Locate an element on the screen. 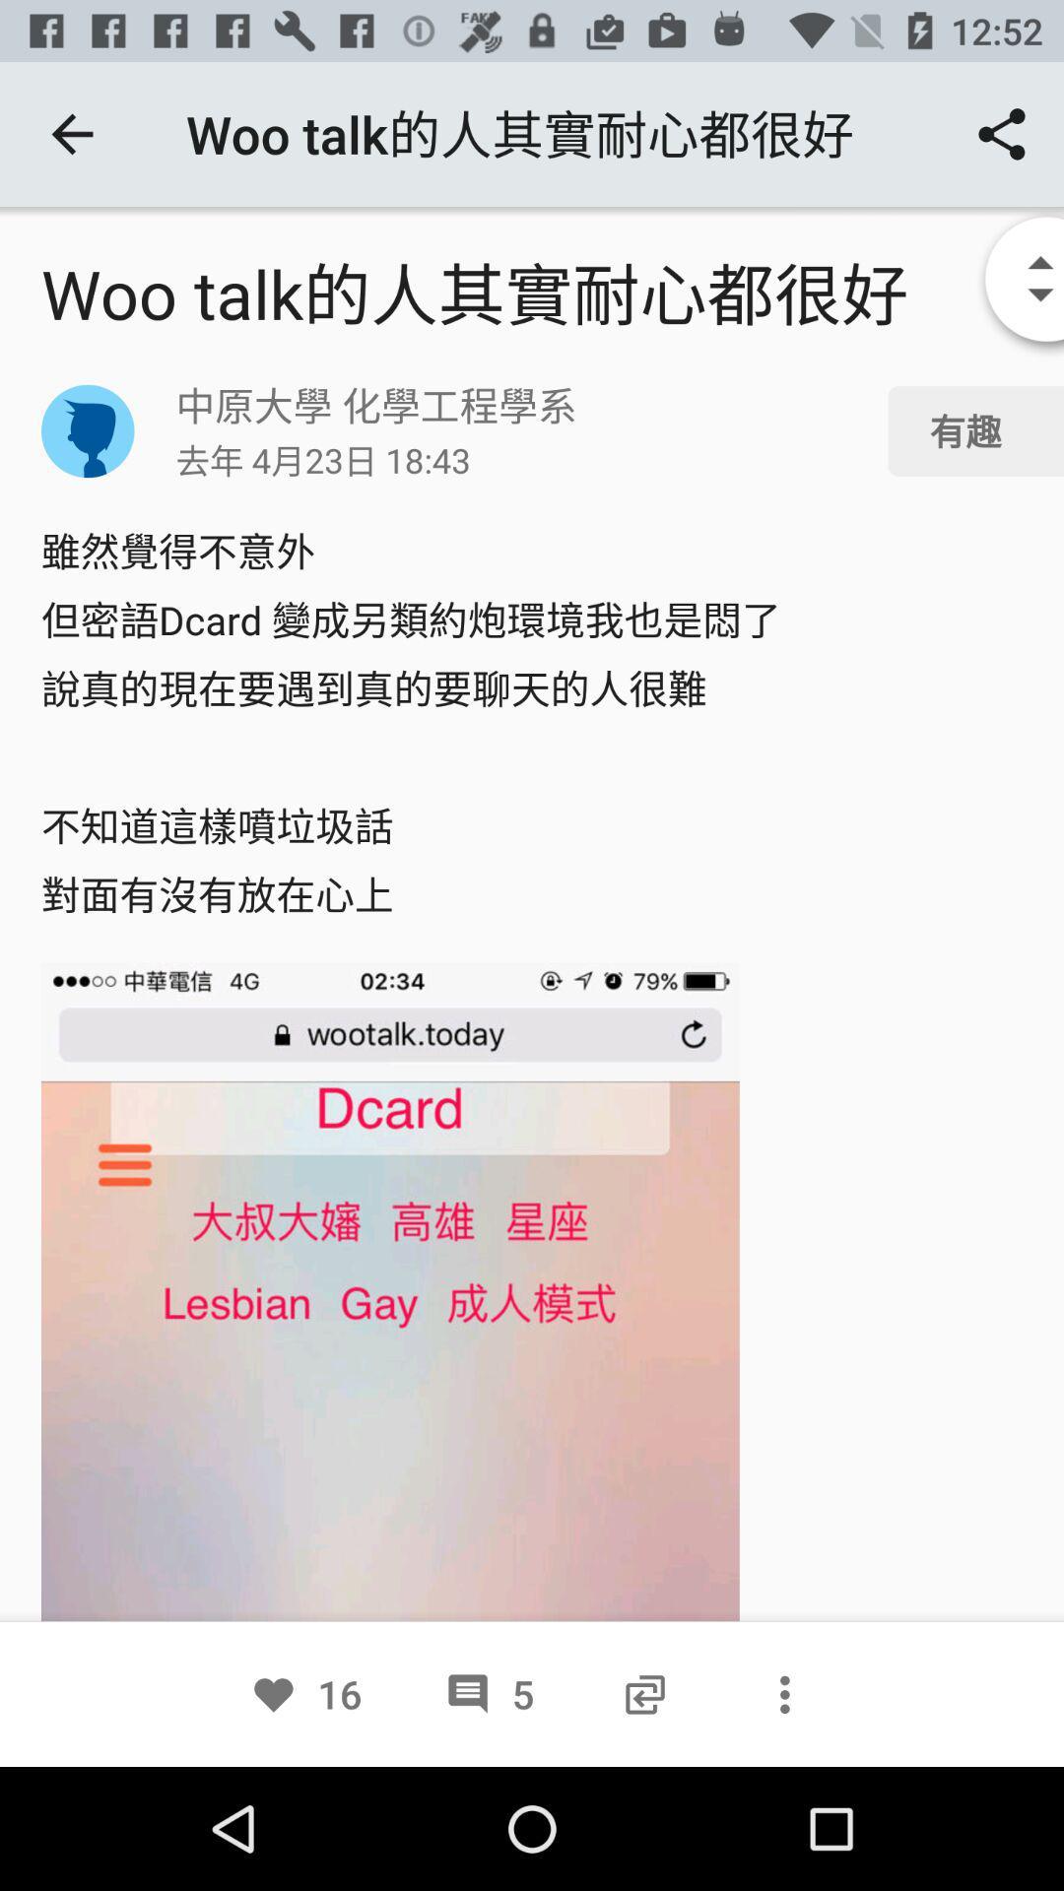  item to the left of the 5 is located at coordinates (305, 1693).